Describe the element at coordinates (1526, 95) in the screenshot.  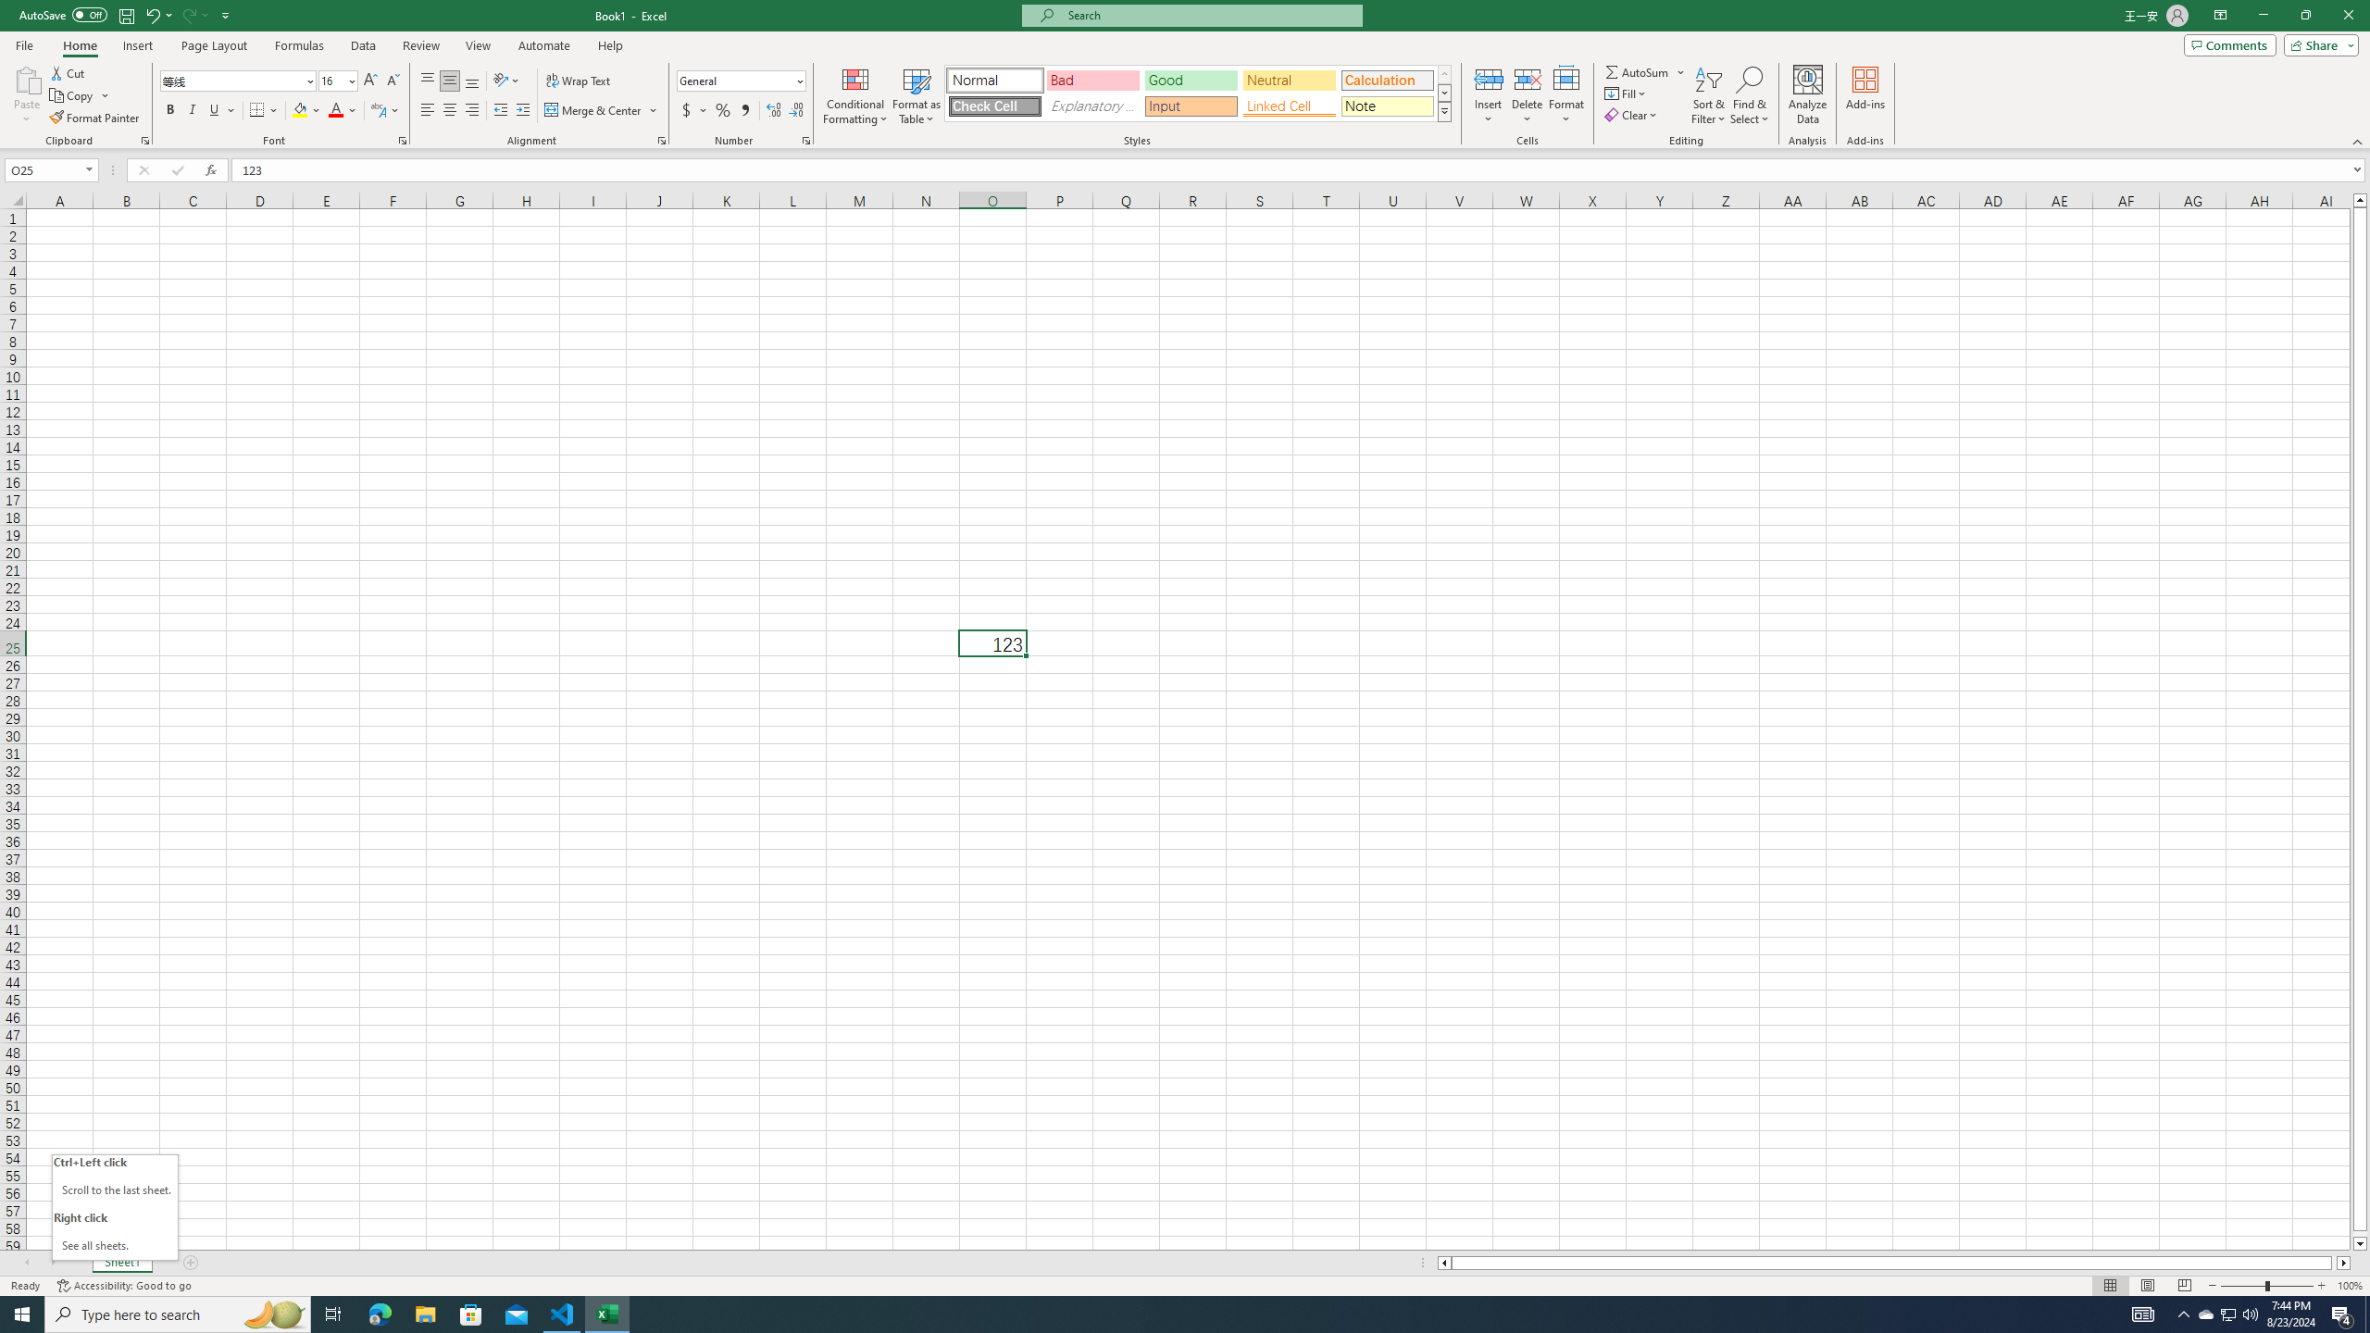
I see `'Delete'` at that location.